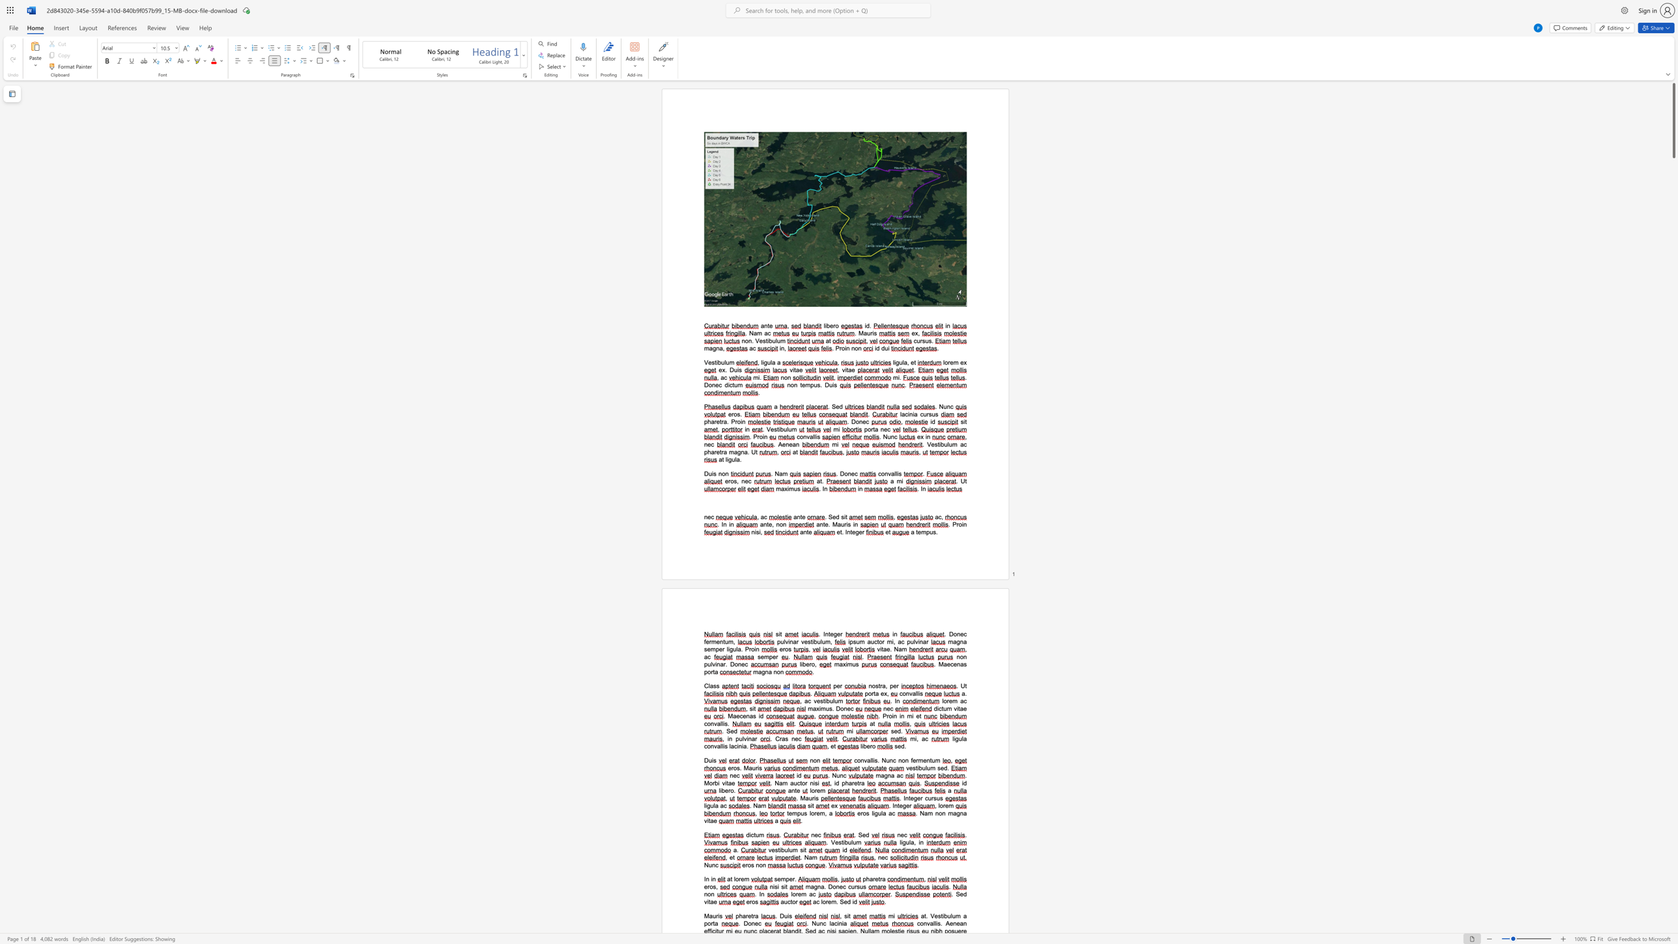 This screenshot has height=944, width=1678. What do you see at coordinates (876, 760) in the screenshot?
I see `the space between the continuous character "s" and "." in the text` at bounding box center [876, 760].